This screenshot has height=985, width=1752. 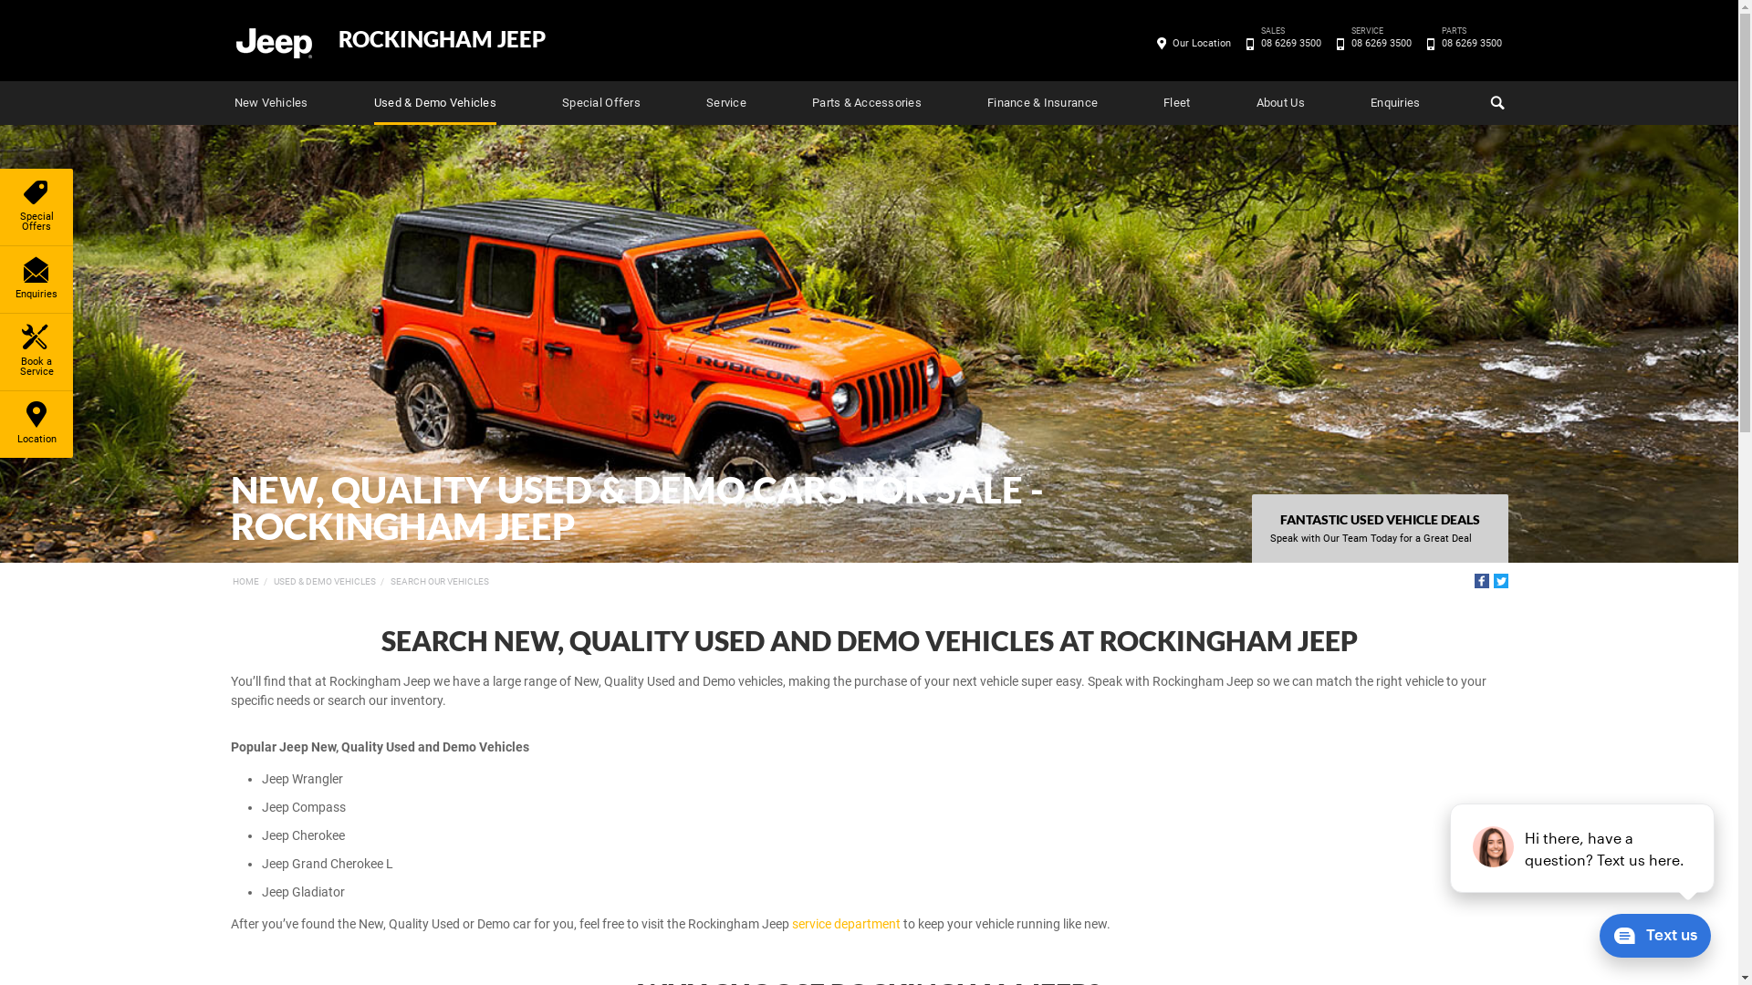 What do you see at coordinates (1252, 42) in the screenshot?
I see `'SALES` at bounding box center [1252, 42].